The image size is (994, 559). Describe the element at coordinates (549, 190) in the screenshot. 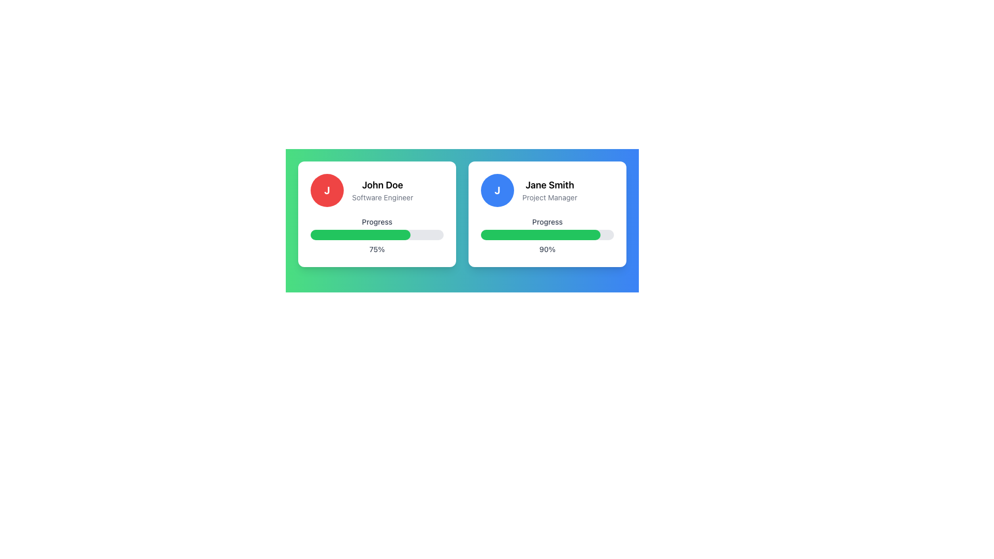

I see `the text label that displays the name and title of a person, located beneath the circular avatar labeled 'J', which is vertically centered within the right card` at that location.